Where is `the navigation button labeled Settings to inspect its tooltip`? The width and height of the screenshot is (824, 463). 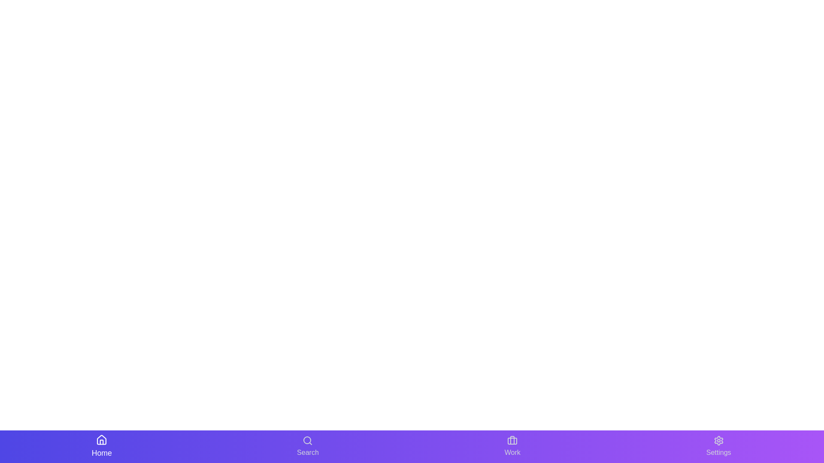 the navigation button labeled Settings to inspect its tooltip is located at coordinates (718, 446).